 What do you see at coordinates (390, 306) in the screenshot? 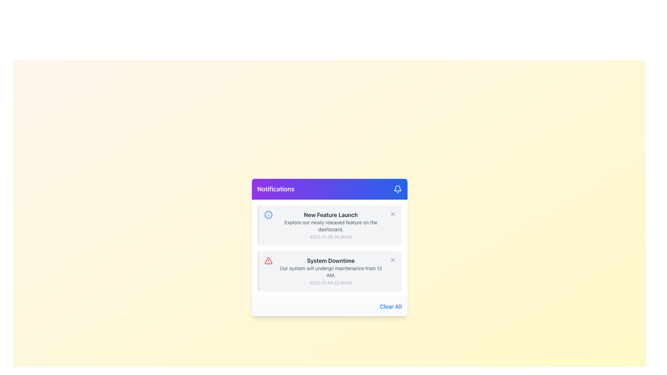
I see `the 'Clear All' text link located in the footer of the notification panel to observe styling changes` at bounding box center [390, 306].